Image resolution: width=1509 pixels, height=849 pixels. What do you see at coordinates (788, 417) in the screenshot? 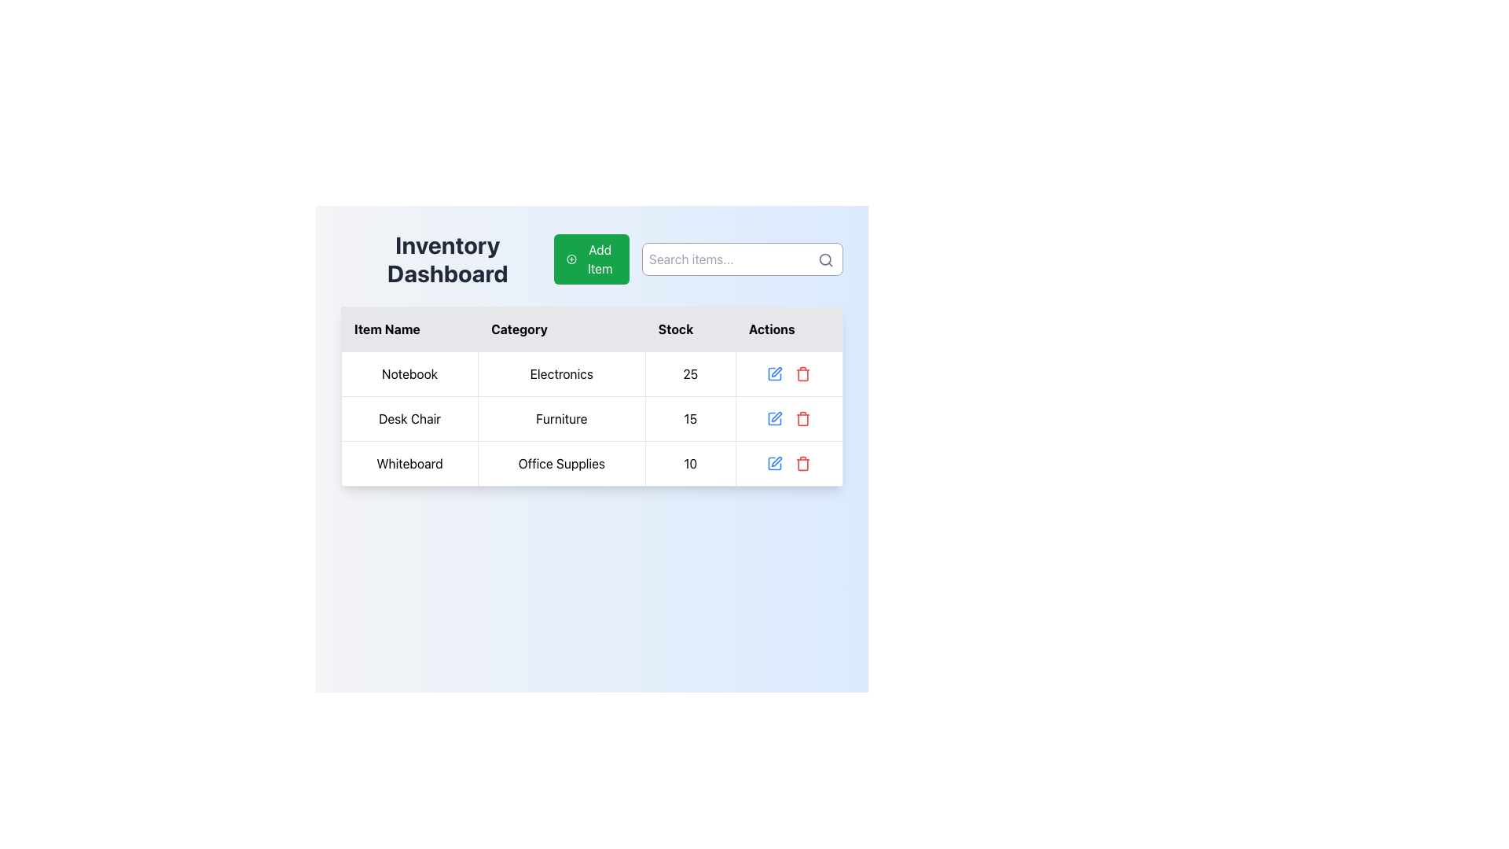
I see `the individual icons within the 'Actions' column of the table's second row related to the 'Desk Chair' item` at bounding box center [788, 417].